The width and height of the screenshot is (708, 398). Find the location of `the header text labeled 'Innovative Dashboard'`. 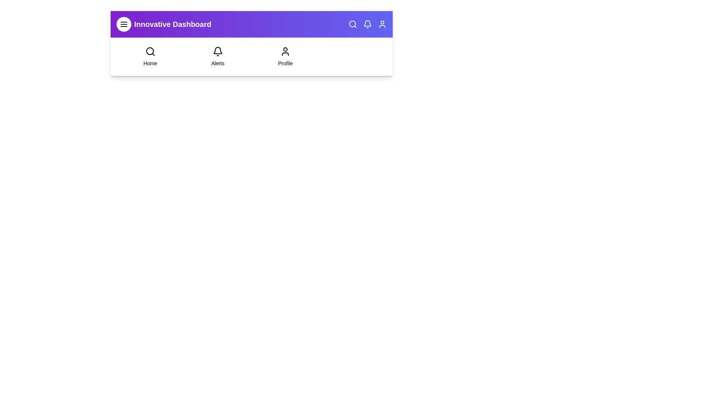

the header text labeled 'Innovative Dashboard' is located at coordinates (172, 24).